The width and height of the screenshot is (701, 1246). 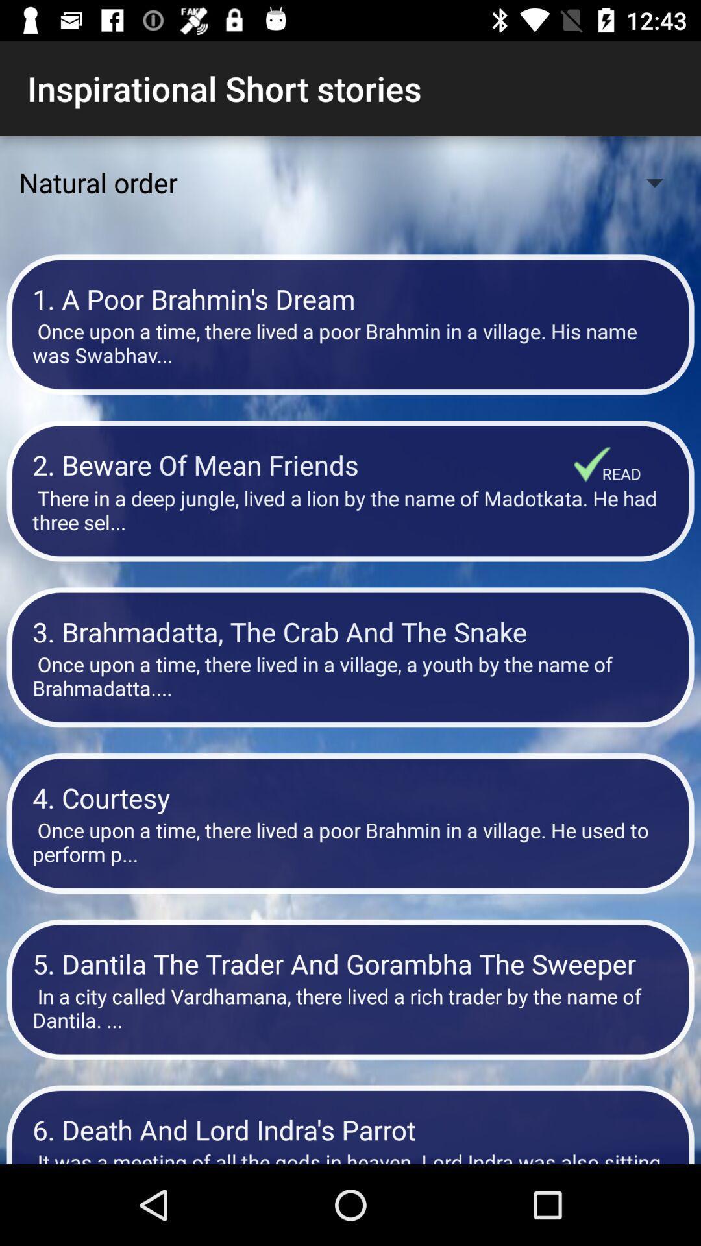 What do you see at coordinates (350, 963) in the screenshot?
I see `the 5 dantila the icon` at bounding box center [350, 963].